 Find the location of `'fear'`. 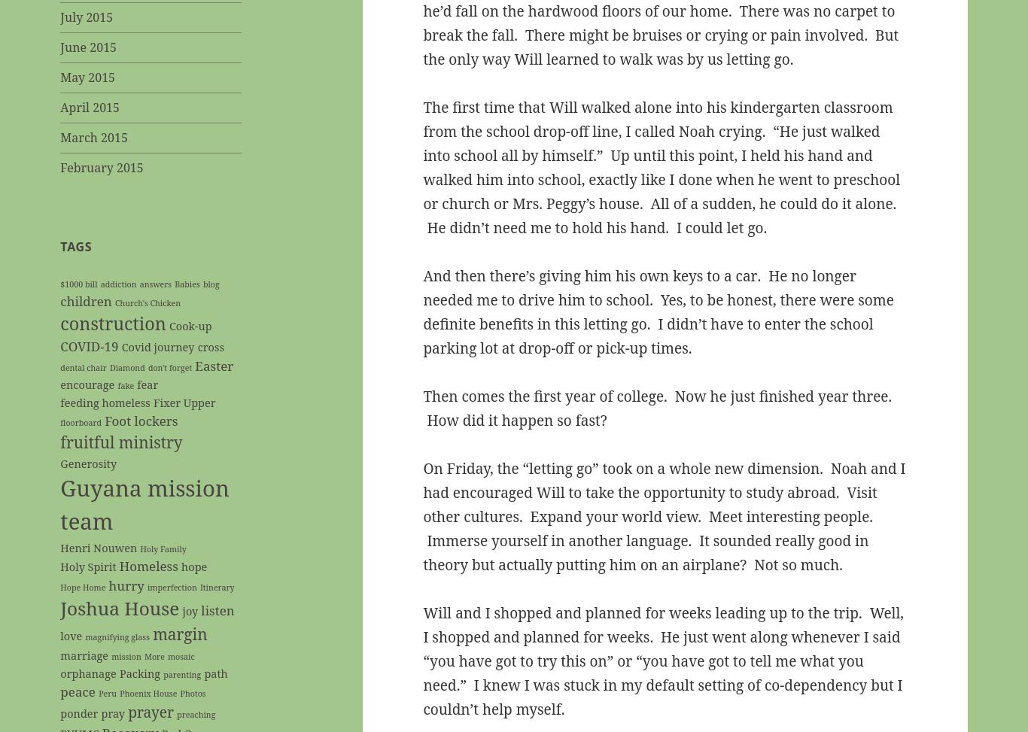

'fear' is located at coordinates (147, 384).